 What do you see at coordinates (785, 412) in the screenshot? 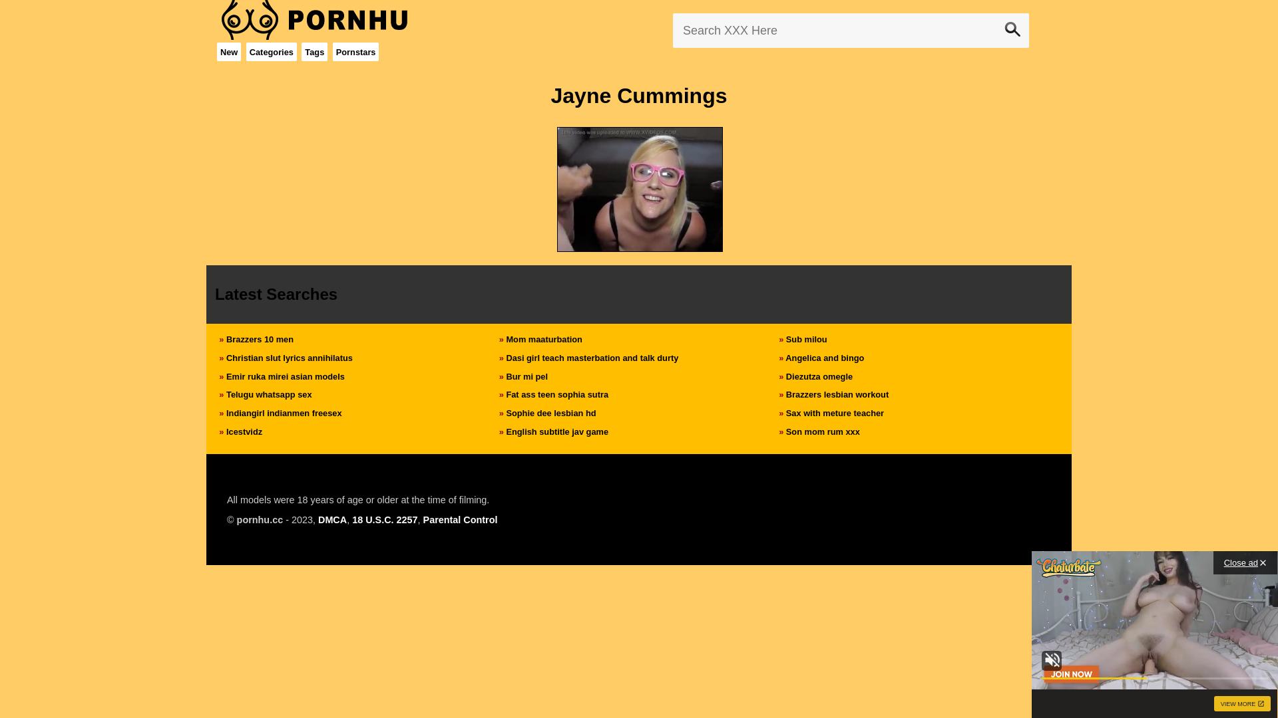
I see `'Sax with meture teacher'` at bounding box center [785, 412].